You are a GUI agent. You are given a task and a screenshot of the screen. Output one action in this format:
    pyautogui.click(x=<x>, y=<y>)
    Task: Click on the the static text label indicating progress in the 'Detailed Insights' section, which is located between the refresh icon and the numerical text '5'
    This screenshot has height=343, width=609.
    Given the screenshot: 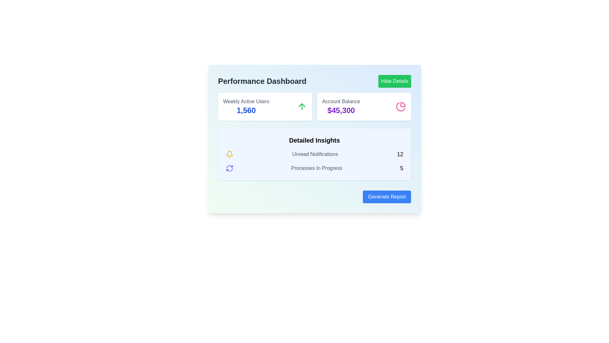 What is the action you would take?
    pyautogui.click(x=317, y=168)
    